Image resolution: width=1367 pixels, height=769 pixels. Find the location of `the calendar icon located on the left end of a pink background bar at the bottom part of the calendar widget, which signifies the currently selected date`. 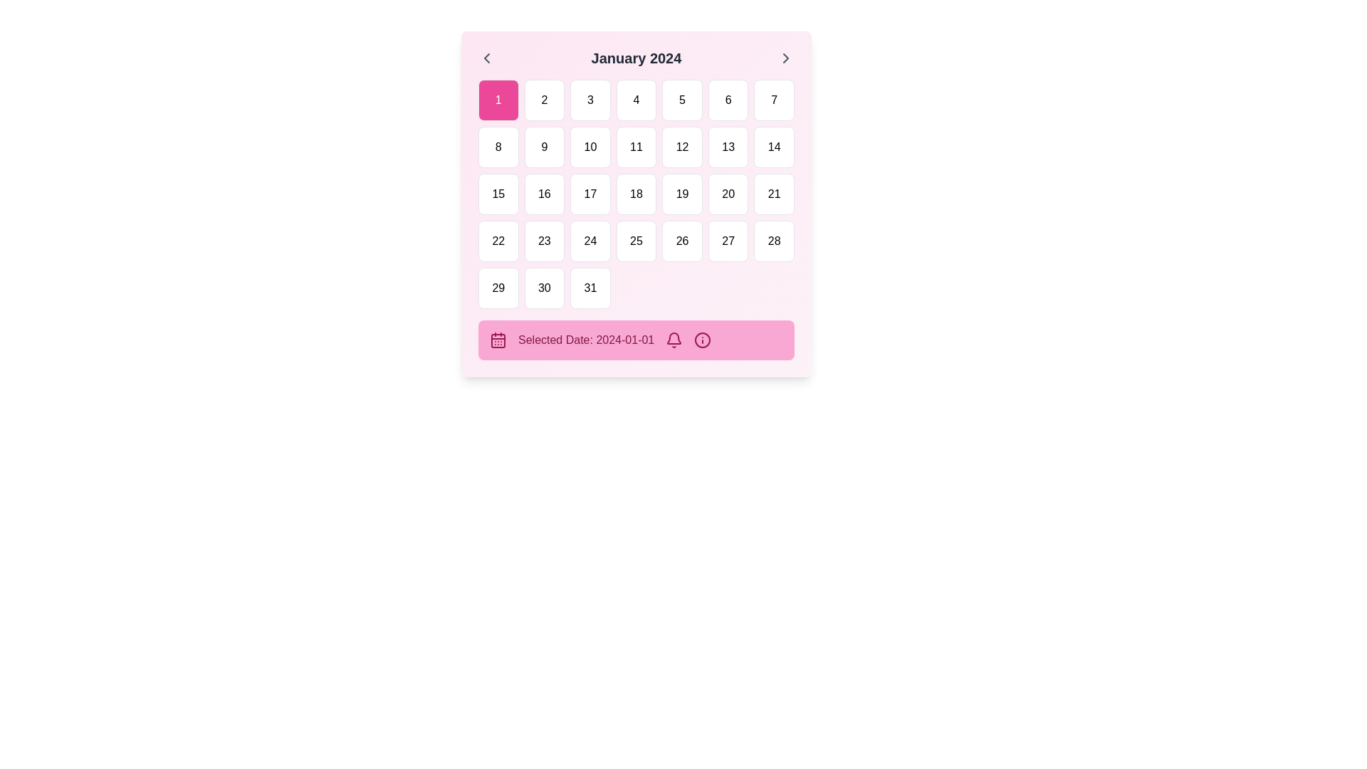

the calendar icon located on the left end of a pink background bar at the bottom part of the calendar widget, which signifies the currently selected date is located at coordinates (498, 340).